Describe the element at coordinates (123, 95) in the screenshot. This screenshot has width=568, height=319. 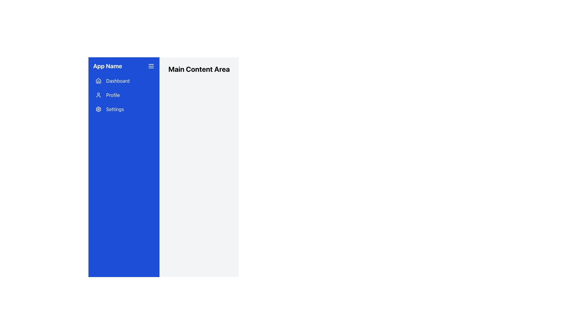
I see `the blue 'Profile' navigation button located in the sidebar, which is the second item in the list below 'Dashboard' and above 'Settings'` at that location.